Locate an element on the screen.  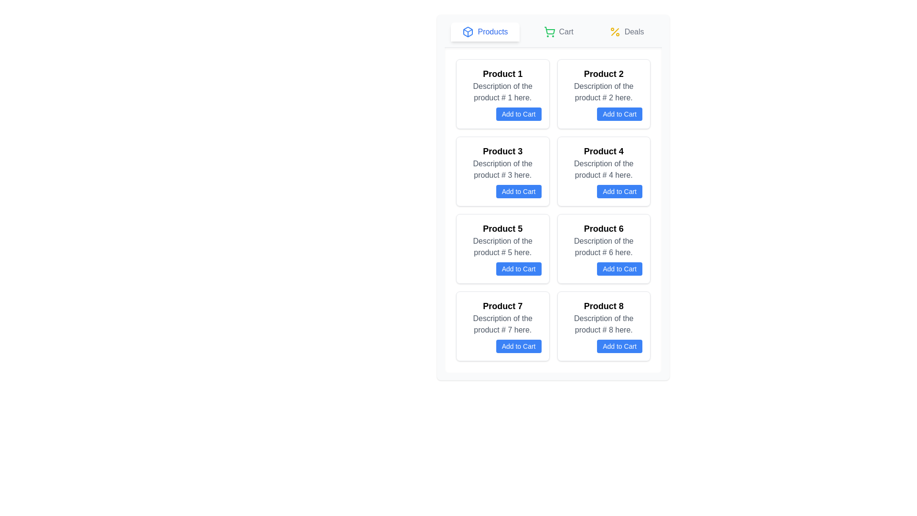
the Text label that serves as the title or heading for the product, located at the top-center of the third card in the grid layout is located at coordinates (502, 150).